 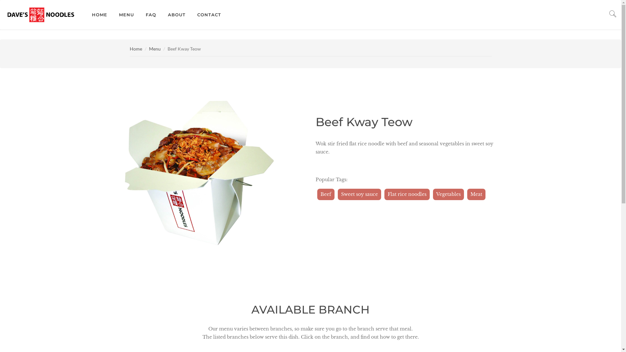 What do you see at coordinates (136, 48) in the screenshot?
I see `'Home'` at bounding box center [136, 48].